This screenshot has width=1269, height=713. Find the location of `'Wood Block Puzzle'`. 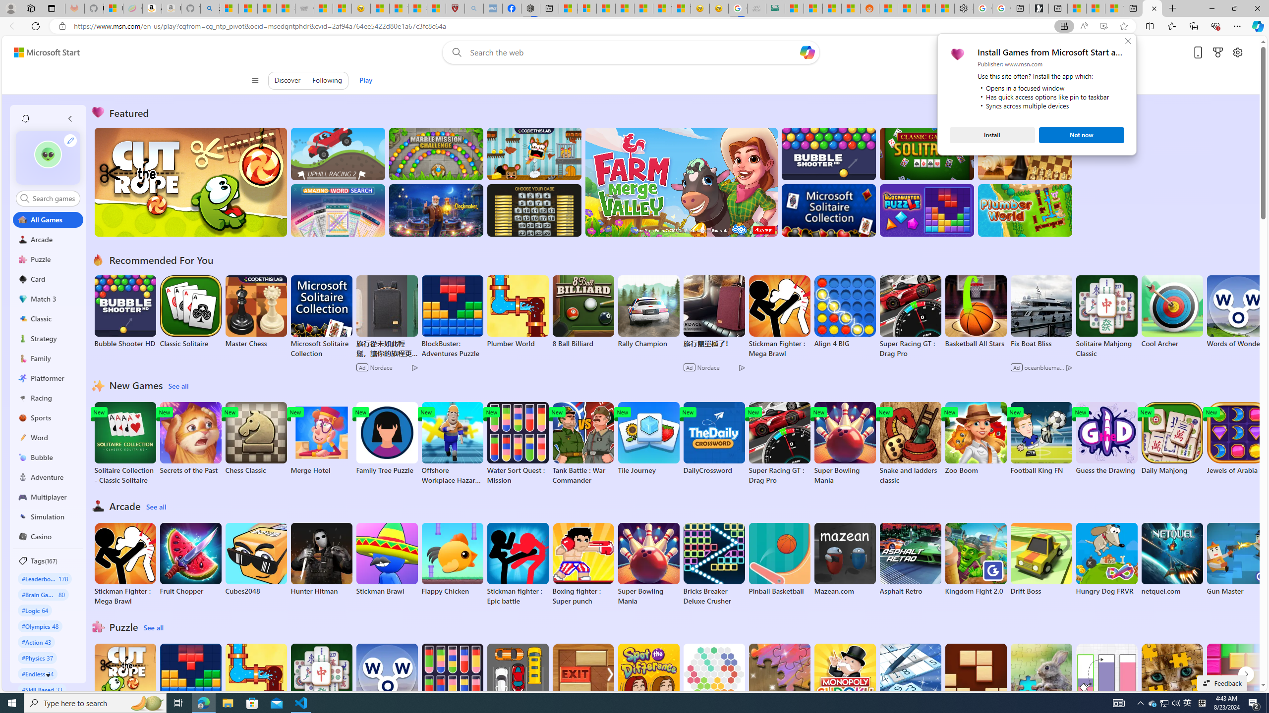

'Wood Block Puzzle' is located at coordinates (976, 680).